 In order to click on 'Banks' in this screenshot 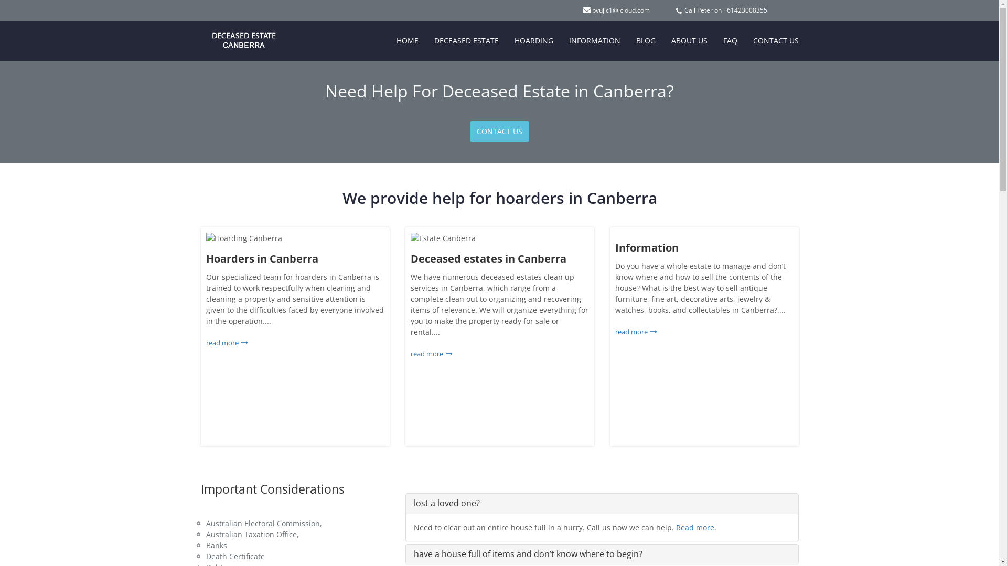, I will do `click(216, 545)`.